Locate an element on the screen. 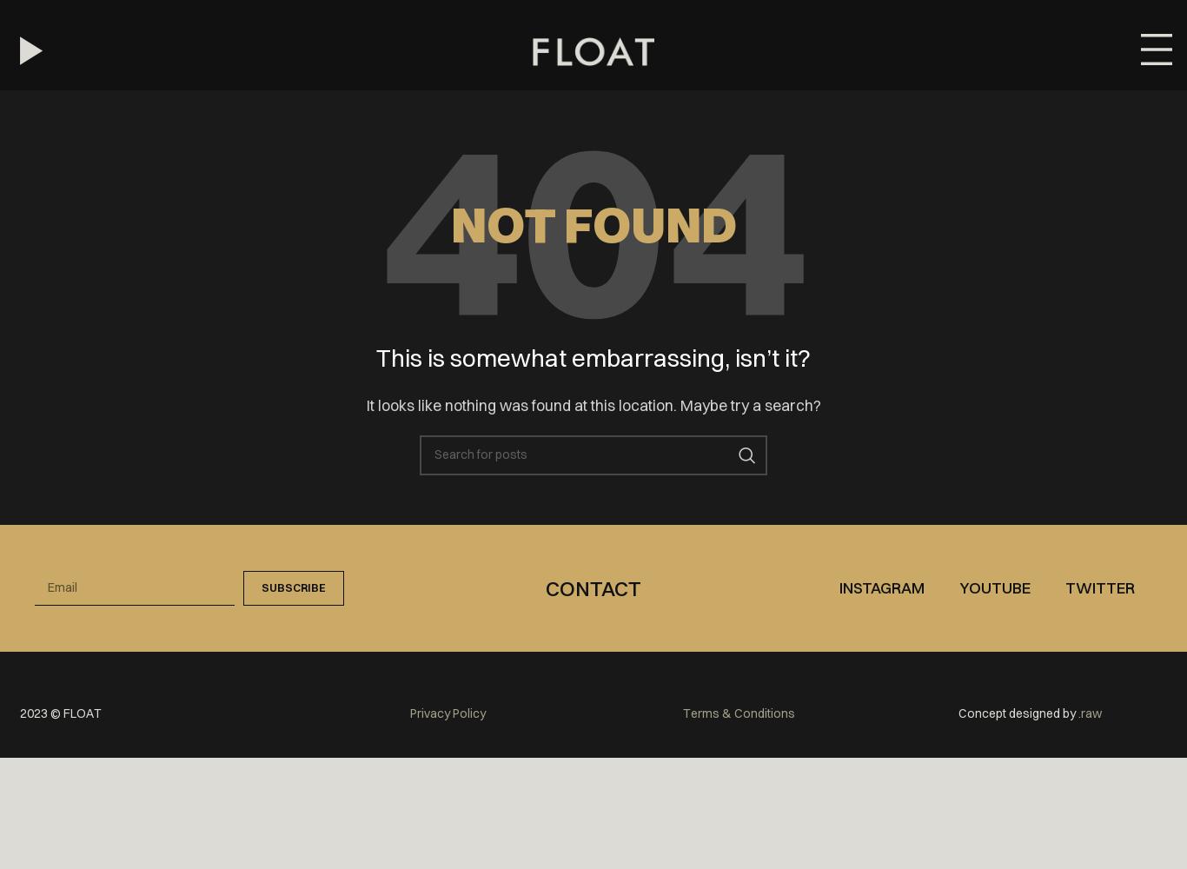 This screenshot has height=869, width=1187. 'Privacy Policy' is located at coordinates (448, 713).